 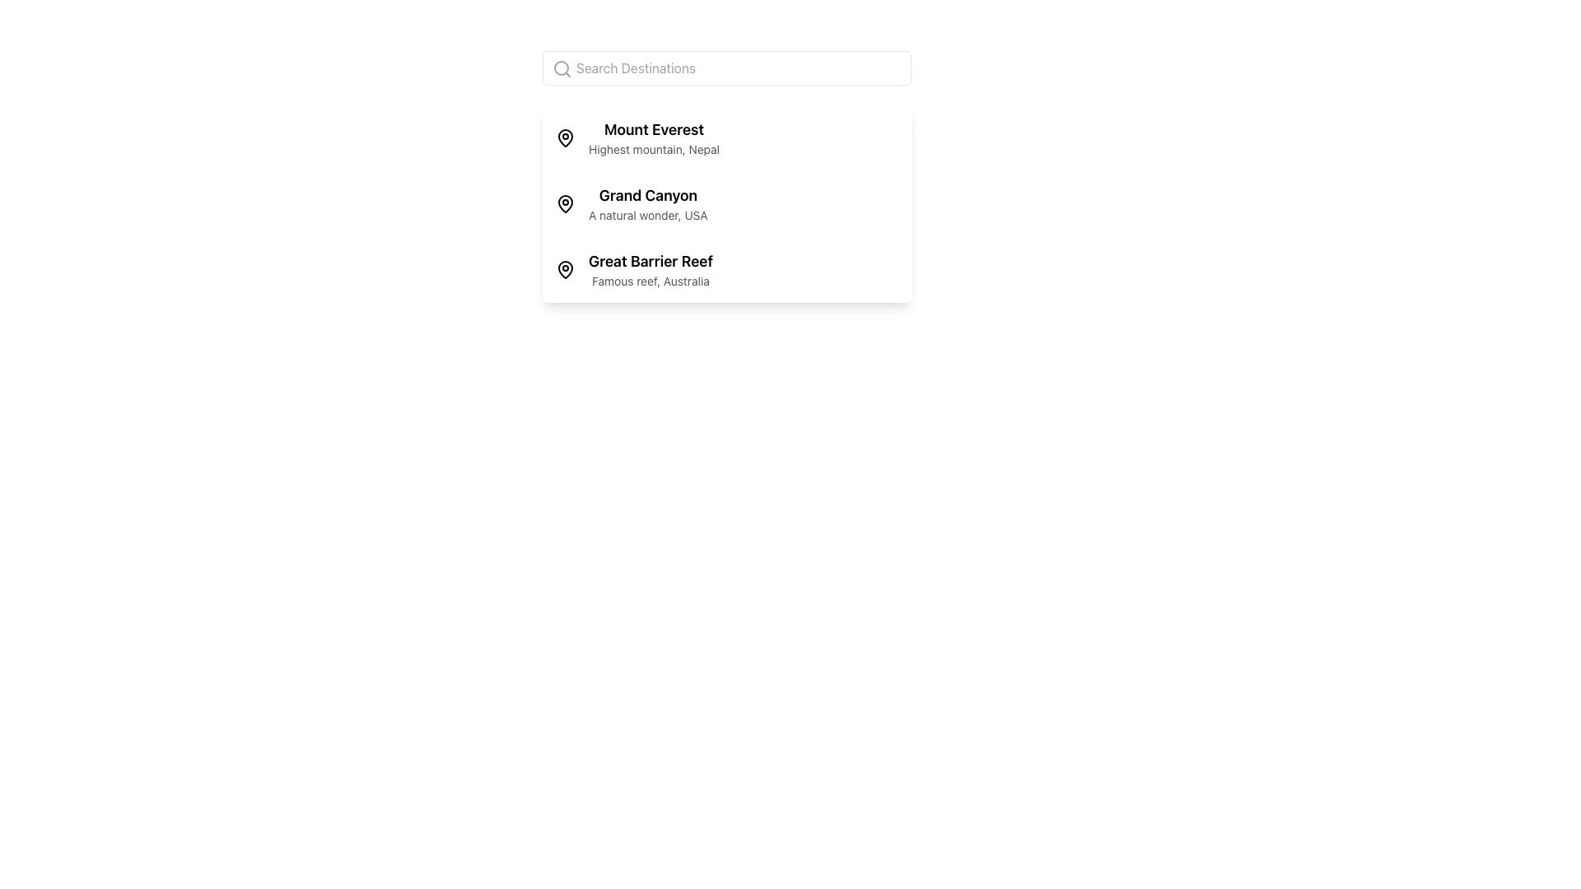 What do you see at coordinates (726, 268) in the screenshot?
I see `the third list item summarizing information about the Great Barrier Reef` at bounding box center [726, 268].